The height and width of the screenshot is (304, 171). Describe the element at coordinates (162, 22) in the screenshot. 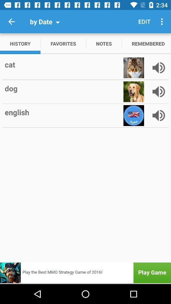

I see `icon to the right of edit item` at that location.